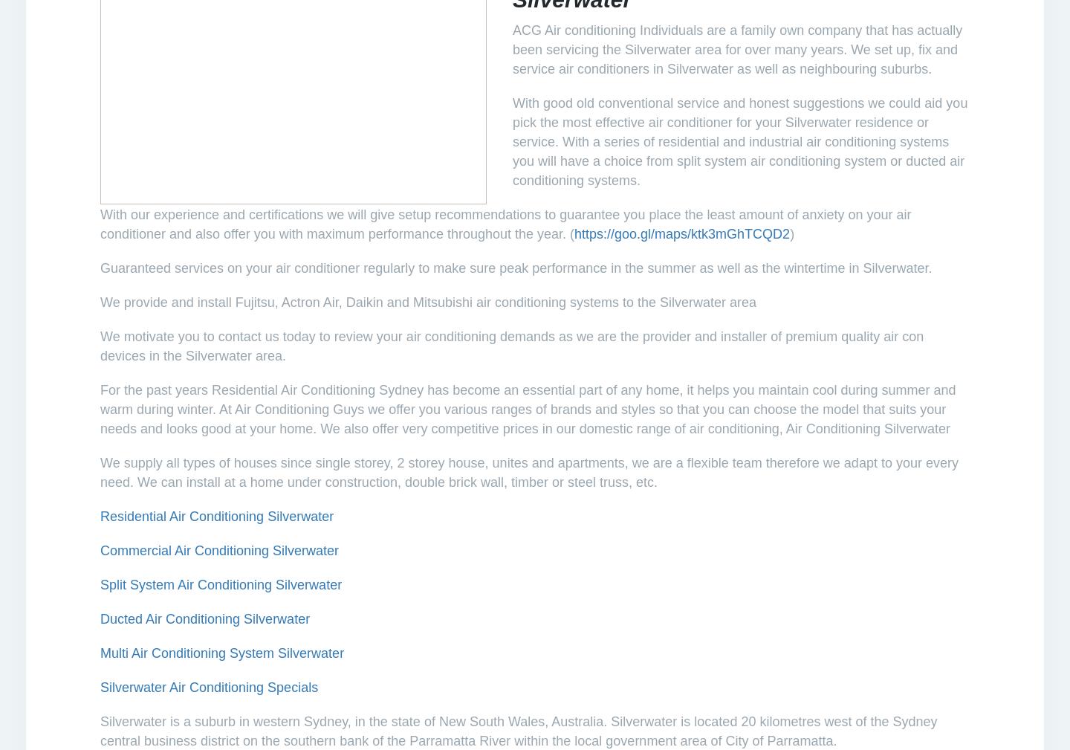 Image resolution: width=1070 pixels, height=750 pixels. What do you see at coordinates (792, 233) in the screenshot?
I see `')'` at bounding box center [792, 233].